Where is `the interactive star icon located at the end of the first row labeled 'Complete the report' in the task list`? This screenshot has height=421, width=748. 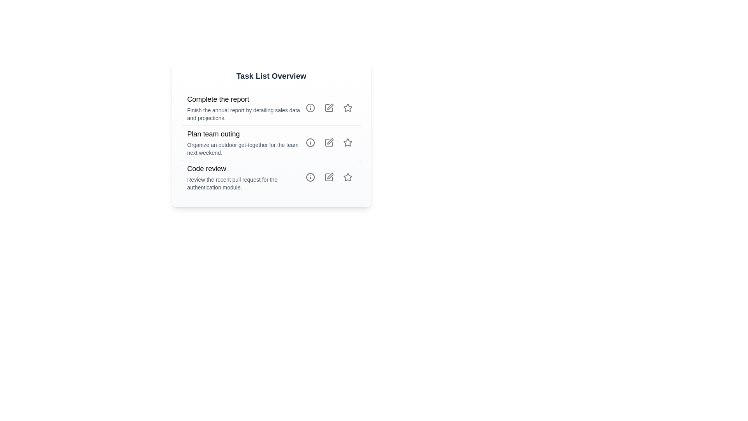
the interactive star icon located at the end of the first row labeled 'Complete the report' in the task list is located at coordinates (347, 108).